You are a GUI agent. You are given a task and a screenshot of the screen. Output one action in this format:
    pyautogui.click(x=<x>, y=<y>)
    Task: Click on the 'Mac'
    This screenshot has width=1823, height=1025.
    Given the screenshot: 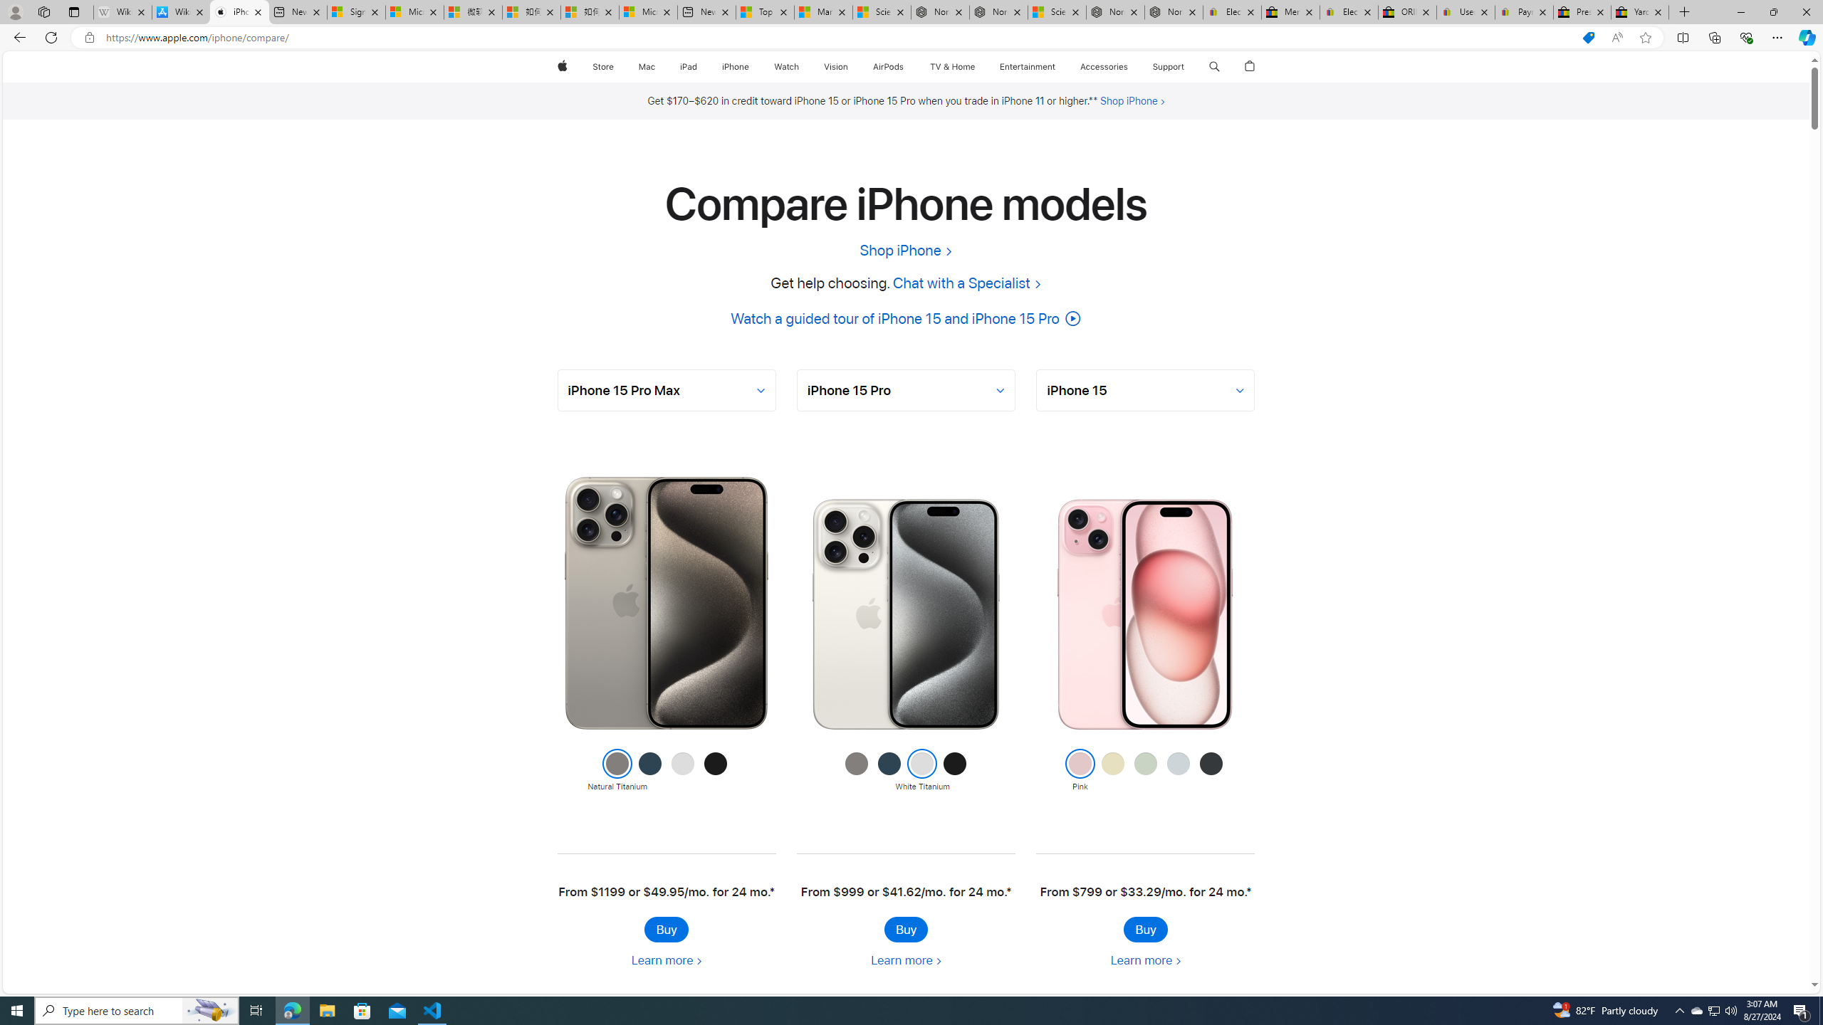 What is the action you would take?
    pyautogui.click(x=645, y=66)
    